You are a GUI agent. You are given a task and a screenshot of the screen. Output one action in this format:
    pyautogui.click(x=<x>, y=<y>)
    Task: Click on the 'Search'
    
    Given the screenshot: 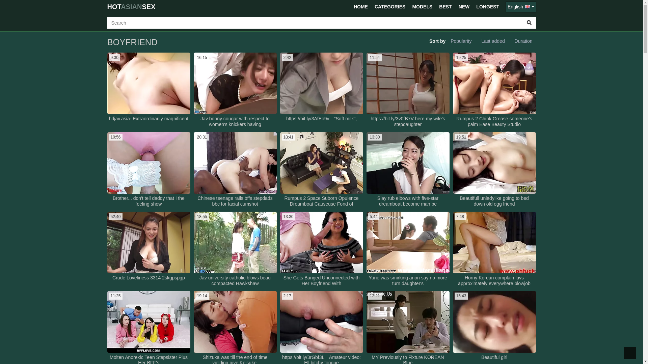 What is the action you would take?
    pyautogui.click(x=529, y=22)
    